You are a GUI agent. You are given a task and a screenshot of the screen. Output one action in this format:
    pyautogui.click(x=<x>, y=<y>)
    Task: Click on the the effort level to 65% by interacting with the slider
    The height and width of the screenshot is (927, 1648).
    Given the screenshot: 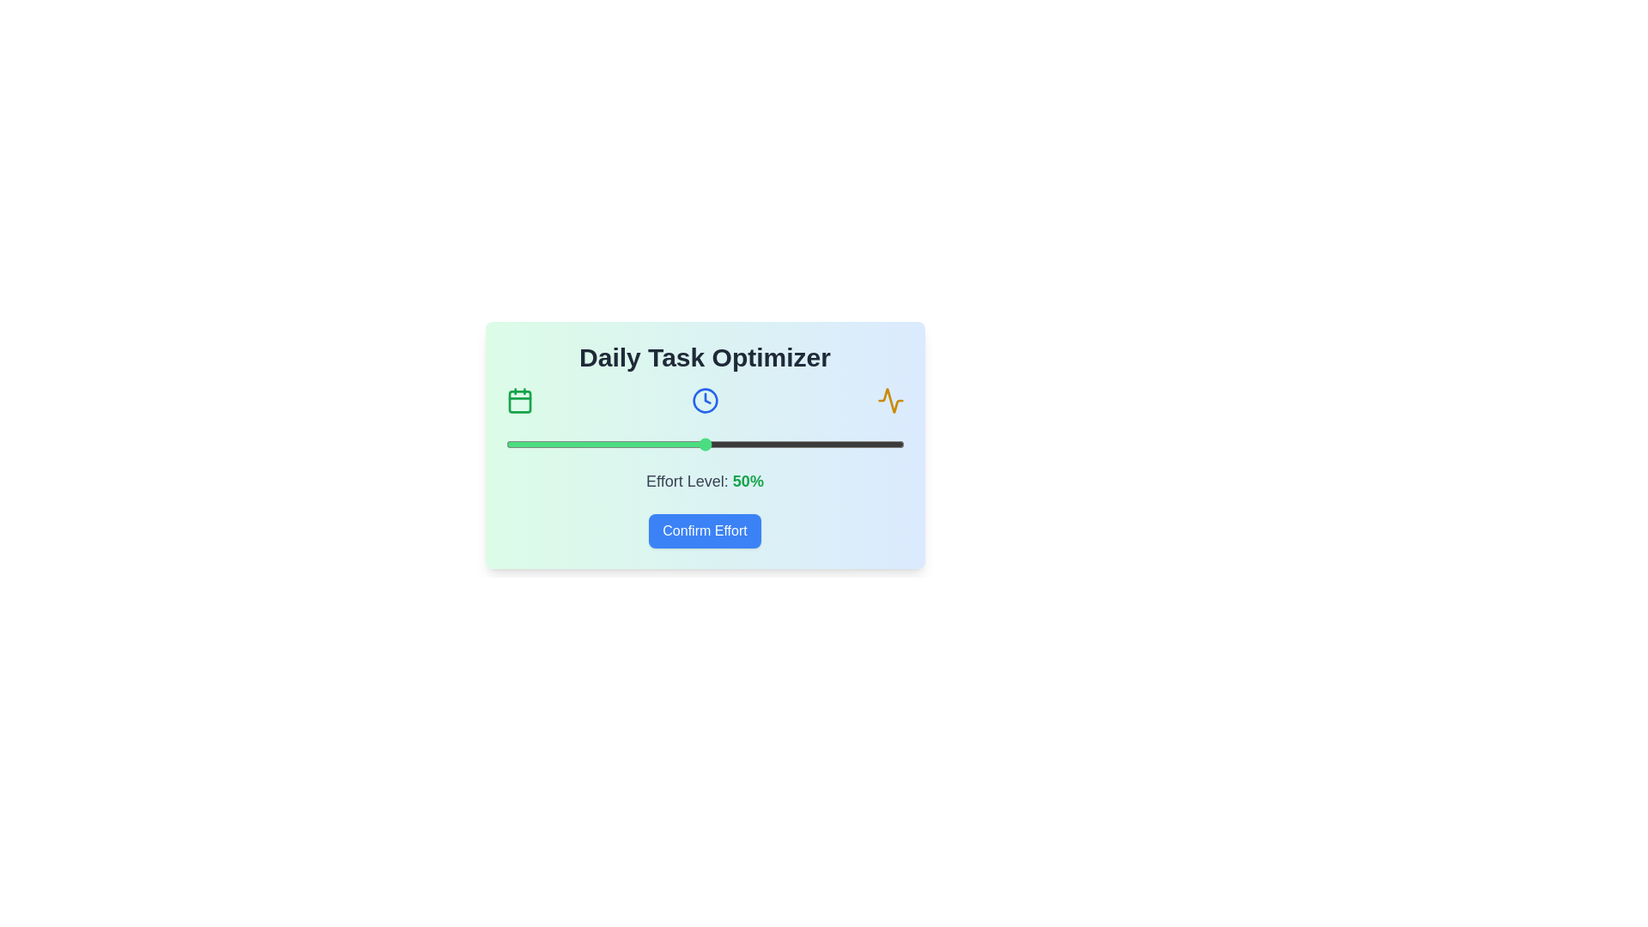 What is the action you would take?
    pyautogui.click(x=764, y=443)
    